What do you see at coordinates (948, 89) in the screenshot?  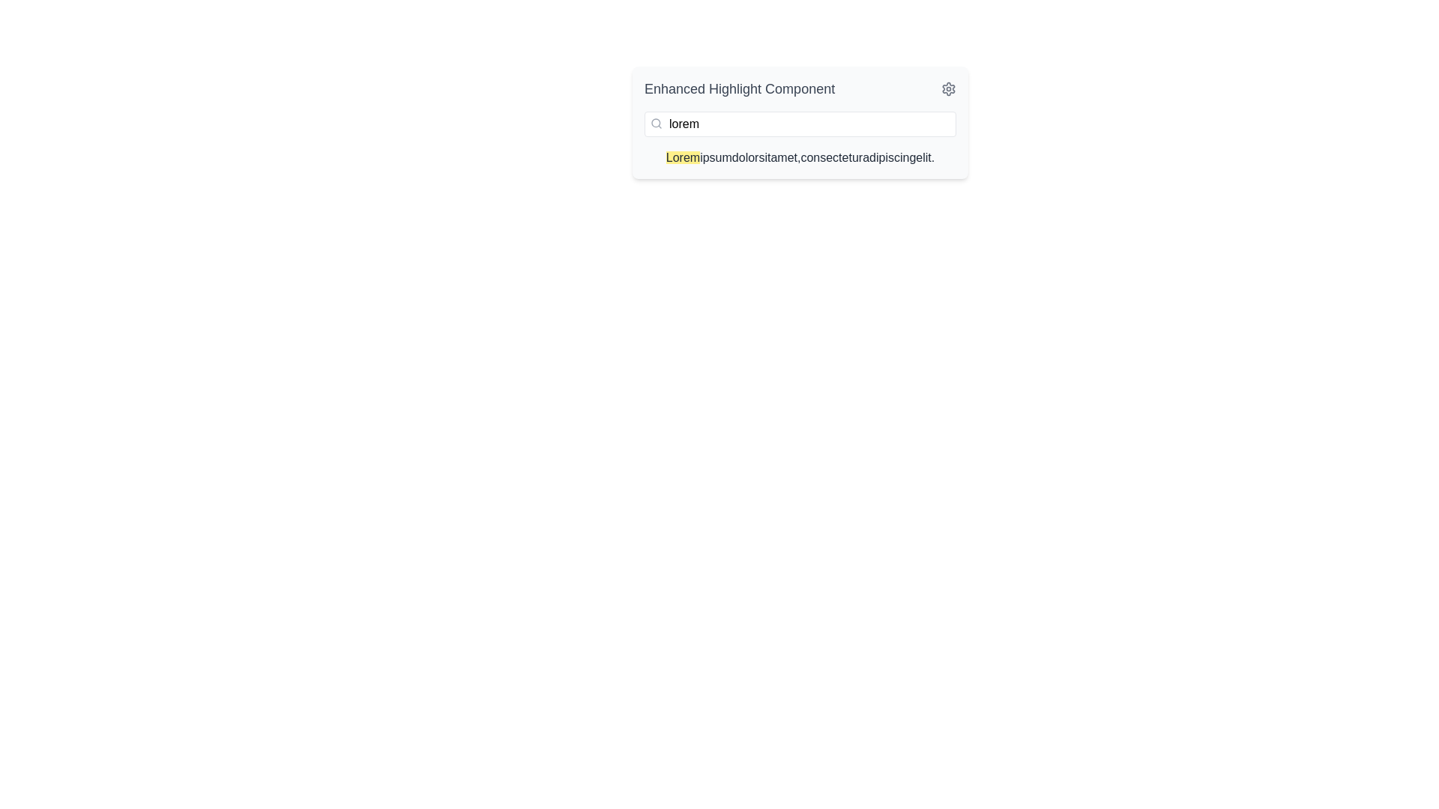 I see `the gear-shaped icon located at the top-right corner of the 'Enhanced Highlight Component' widget` at bounding box center [948, 89].